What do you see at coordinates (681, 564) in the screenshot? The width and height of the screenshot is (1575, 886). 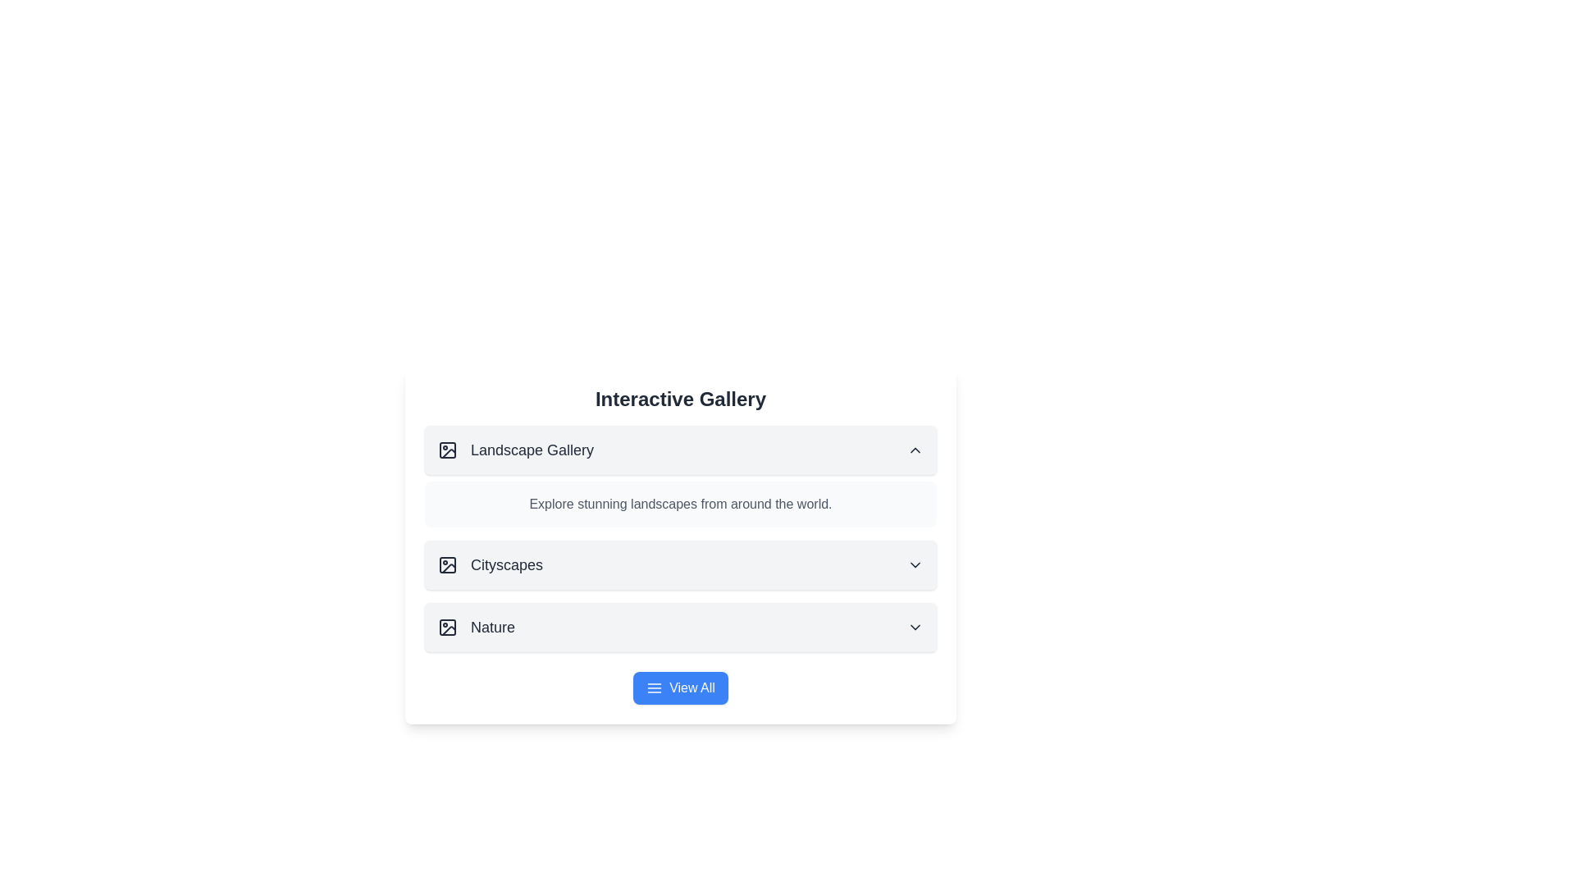 I see `the second expandable list item labeled 'Cityscapes'` at bounding box center [681, 564].